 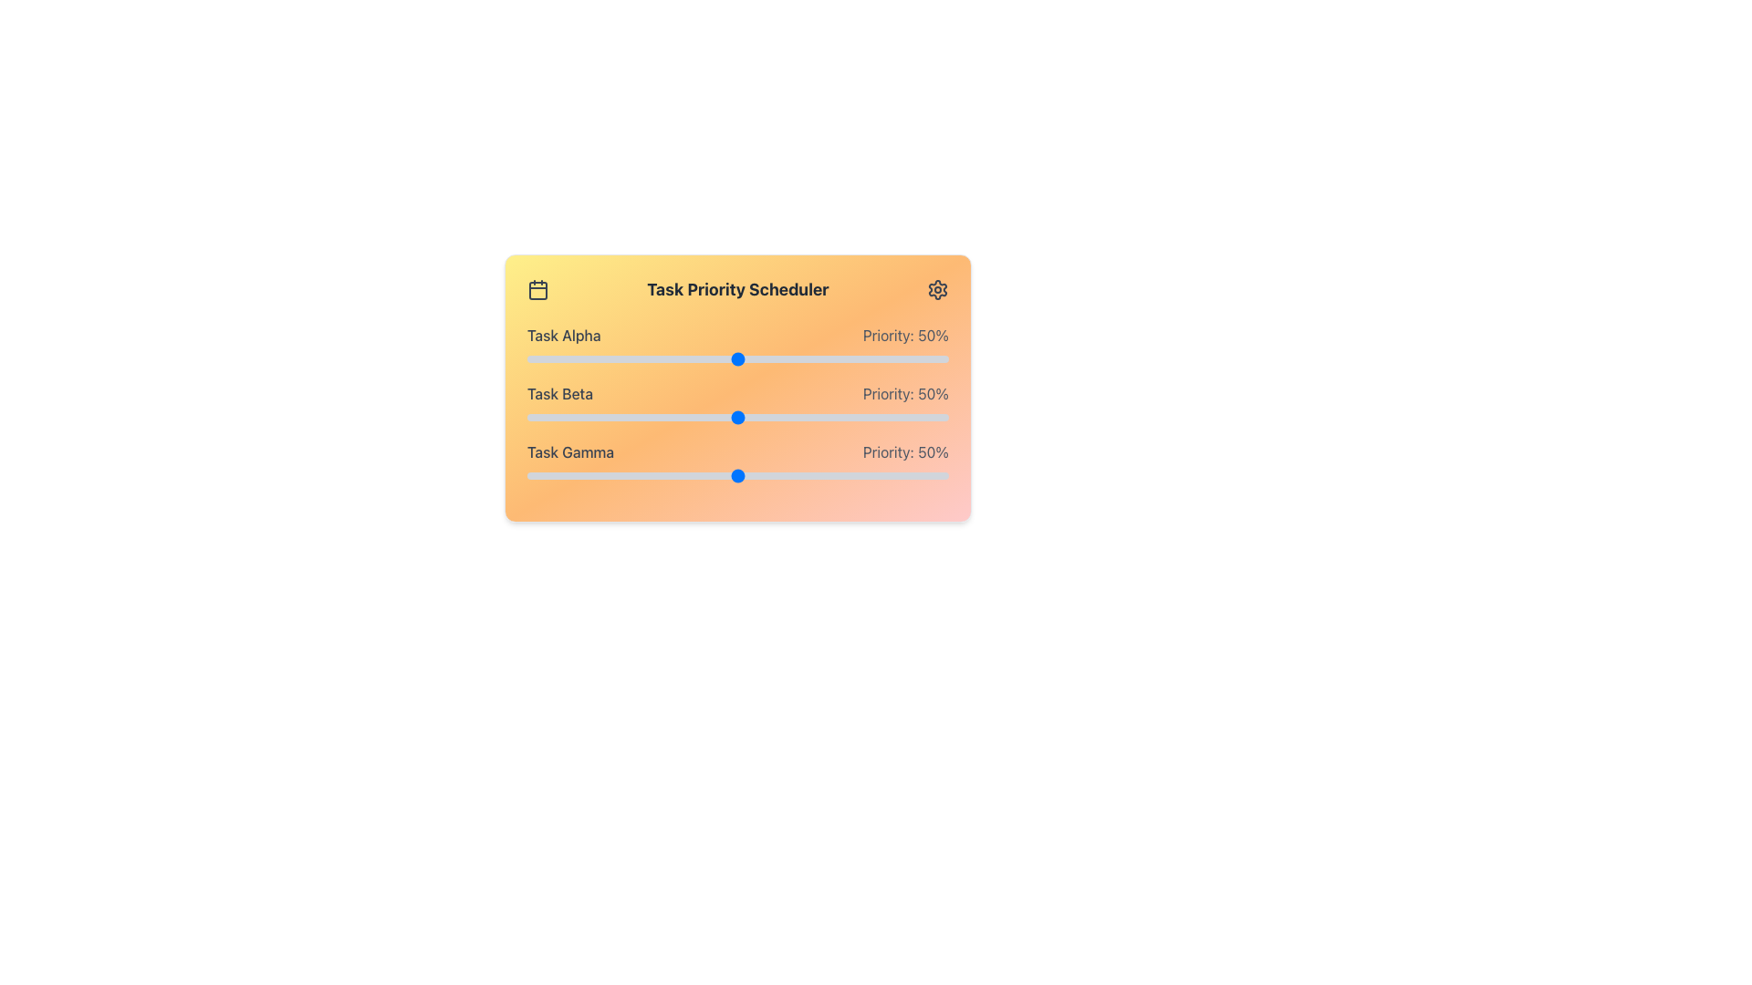 I want to click on the text label displaying 'Priority: 50%' located at the far right of the 'Task Alpha' section in the 'Task Priority Scheduler' interface, so click(x=905, y=335).